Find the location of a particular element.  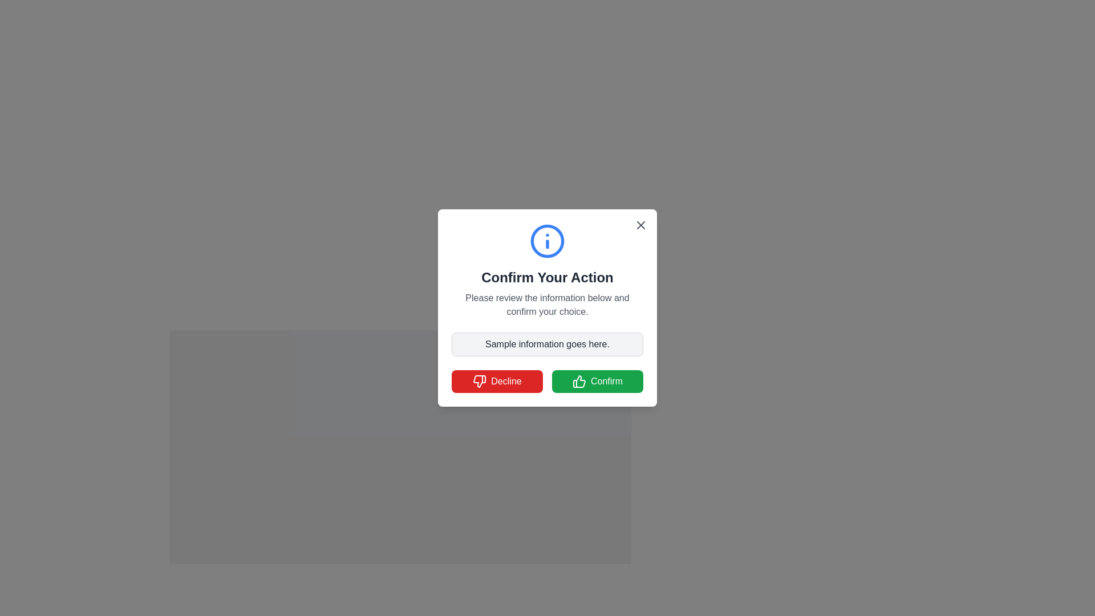

the 'Confirm' button which contains the green thumbs-up icon located at the lower-right corner of the modal dialog interface is located at coordinates (579, 381).